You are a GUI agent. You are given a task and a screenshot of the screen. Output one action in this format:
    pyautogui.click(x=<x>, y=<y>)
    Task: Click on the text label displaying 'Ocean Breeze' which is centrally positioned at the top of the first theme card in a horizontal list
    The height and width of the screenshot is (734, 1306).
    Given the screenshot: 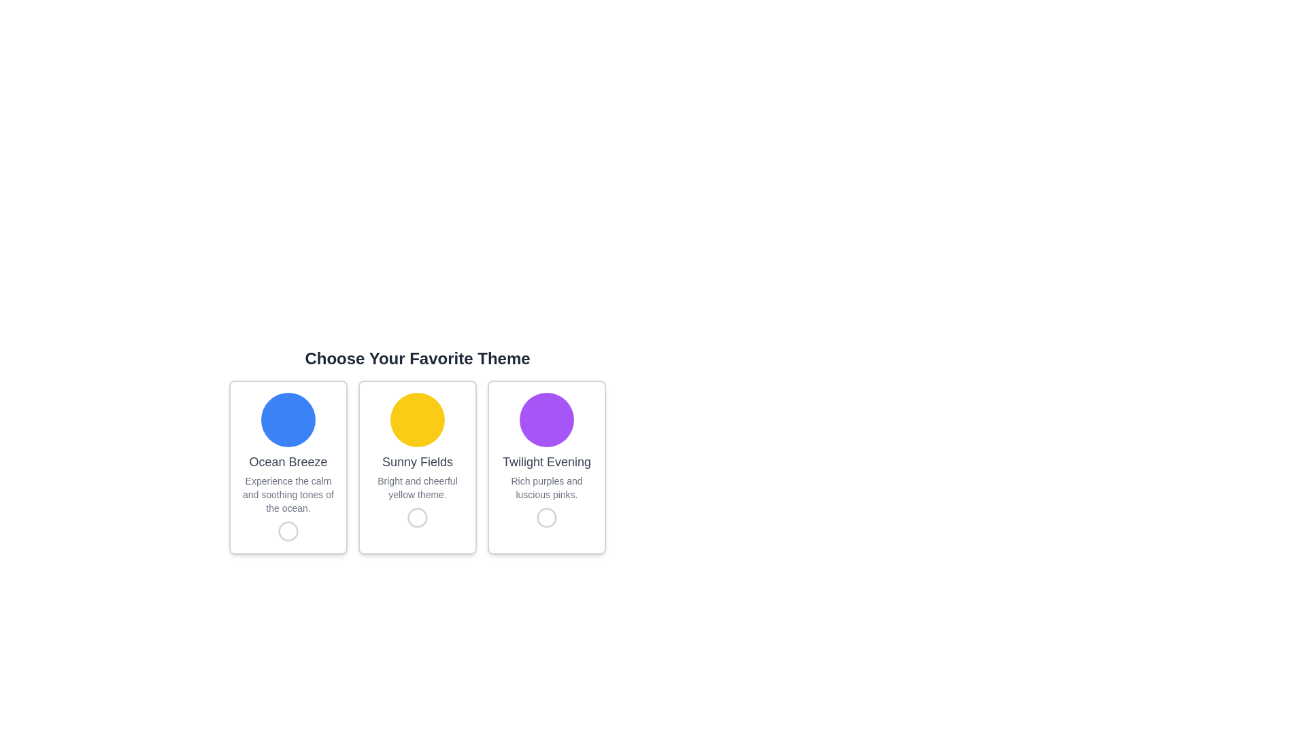 What is the action you would take?
    pyautogui.click(x=287, y=461)
    